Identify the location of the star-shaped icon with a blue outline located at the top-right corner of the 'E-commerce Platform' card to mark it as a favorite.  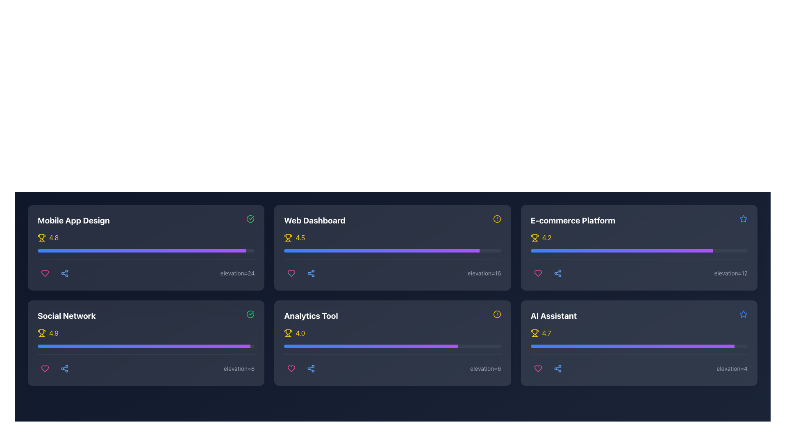
(744, 219).